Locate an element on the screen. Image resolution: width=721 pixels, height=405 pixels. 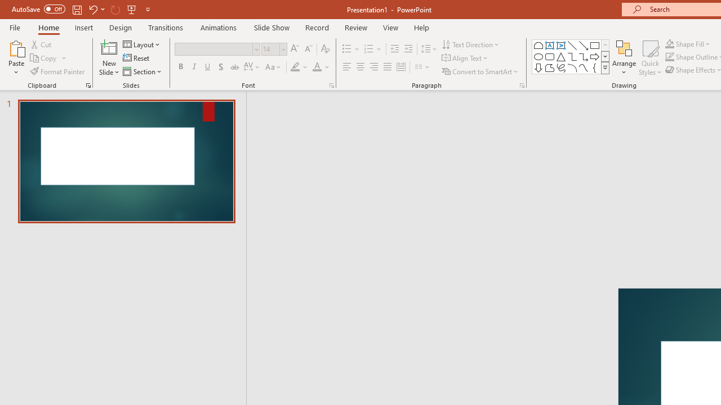
'Rectangle: Top Corners Snipped' is located at coordinates (538, 45).